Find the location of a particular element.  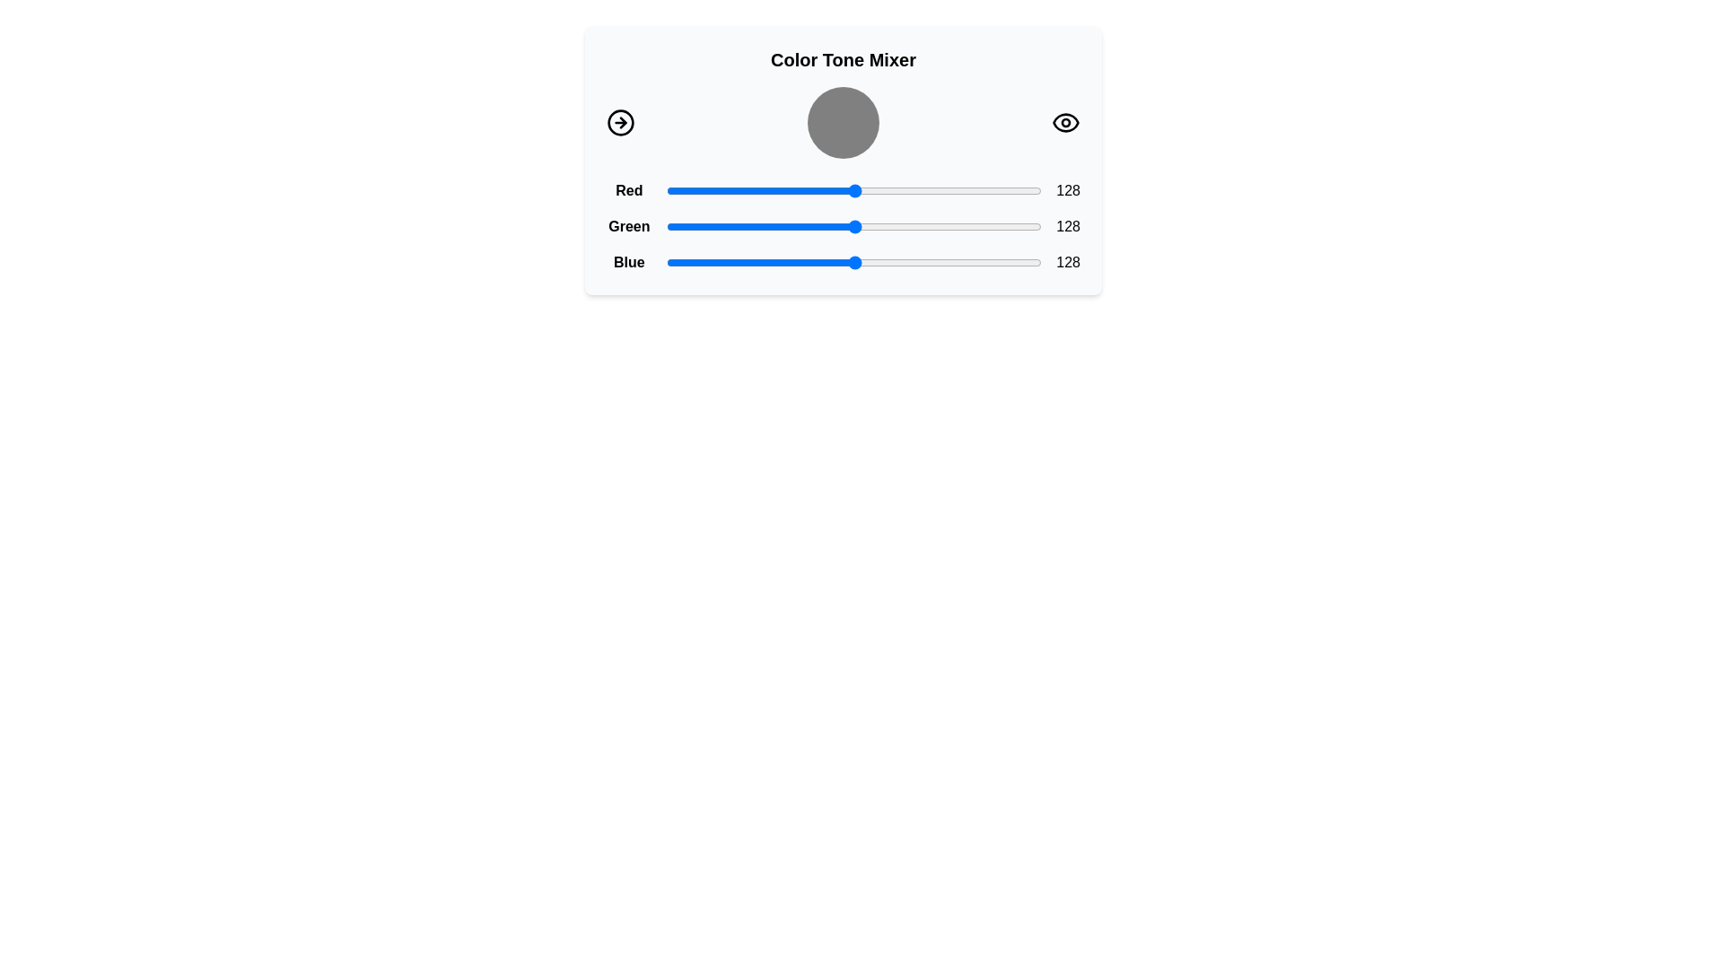

green color intensity is located at coordinates (710, 226).